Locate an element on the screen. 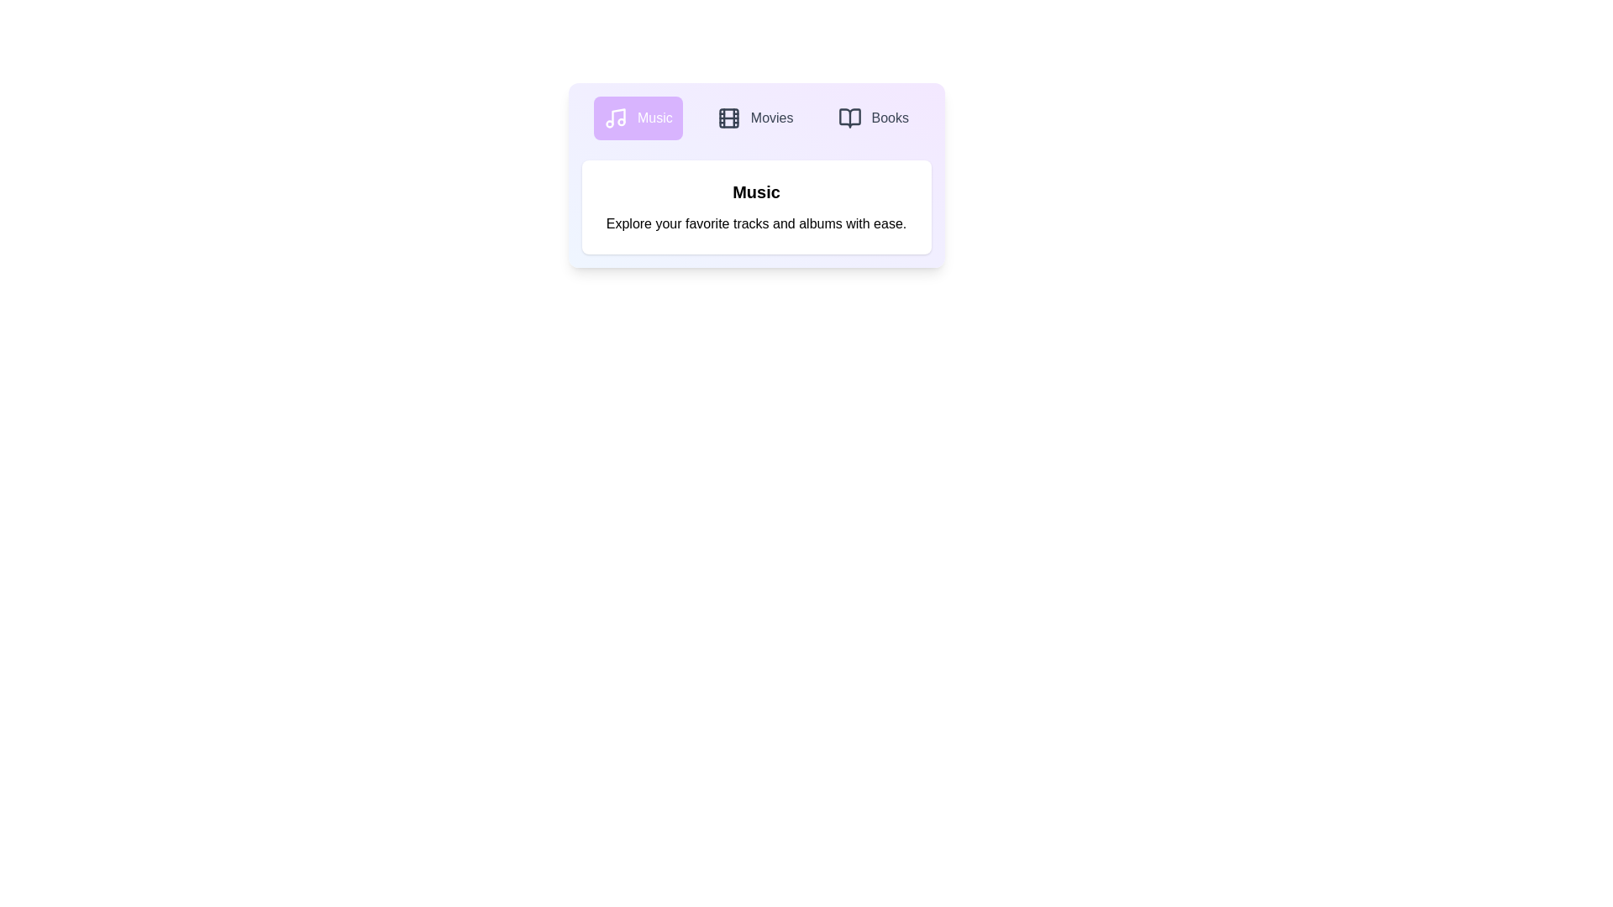 This screenshot has height=907, width=1613. the Books tab to view its content is located at coordinates (873, 118).